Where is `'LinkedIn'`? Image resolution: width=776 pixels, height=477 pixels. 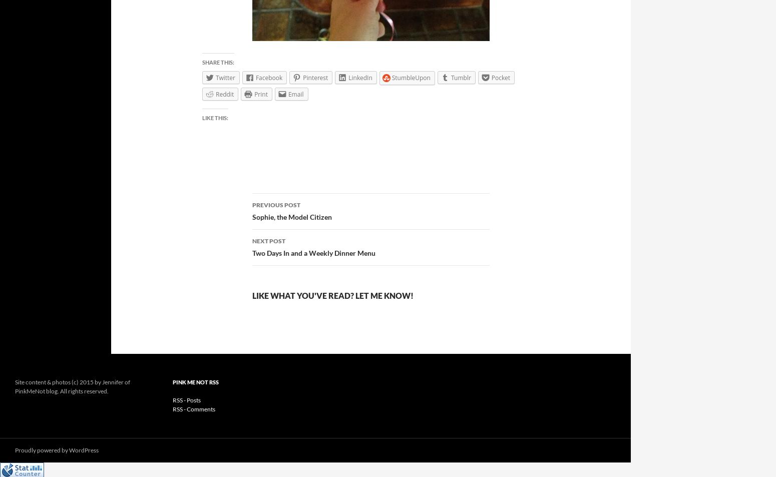 'LinkedIn' is located at coordinates (360, 77).